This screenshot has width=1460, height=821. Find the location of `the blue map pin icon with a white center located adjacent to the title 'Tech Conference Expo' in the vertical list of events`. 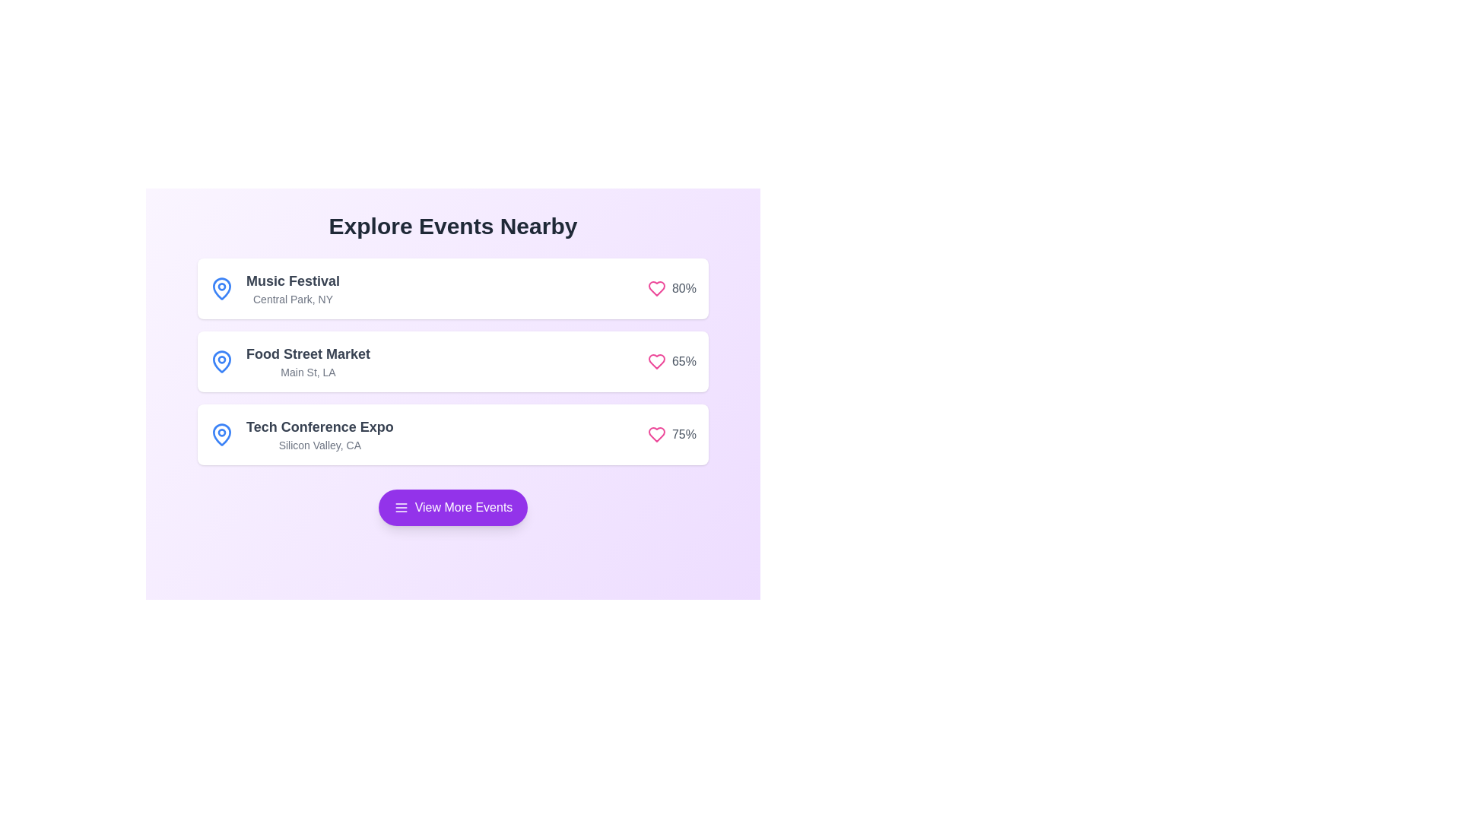

the blue map pin icon with a white center located adjacent to the title 'Tech Conference Expo' in the vertical list of events is located at coordinates (221, 434).